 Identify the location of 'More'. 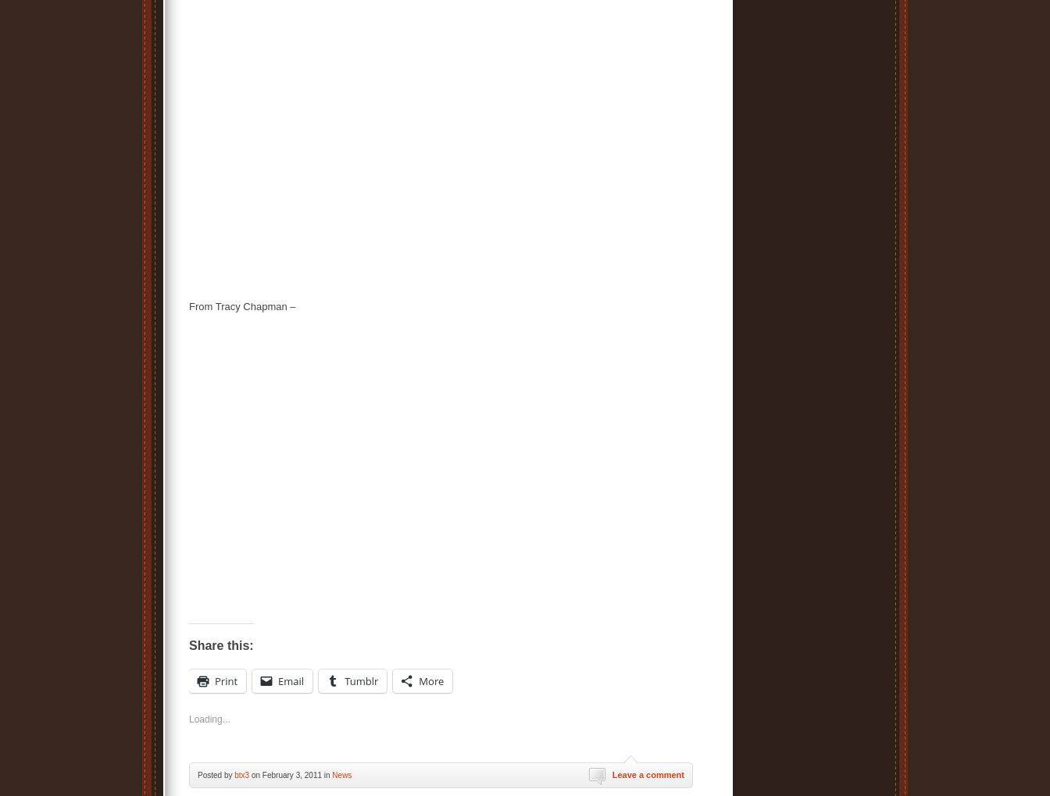
(430, 680).